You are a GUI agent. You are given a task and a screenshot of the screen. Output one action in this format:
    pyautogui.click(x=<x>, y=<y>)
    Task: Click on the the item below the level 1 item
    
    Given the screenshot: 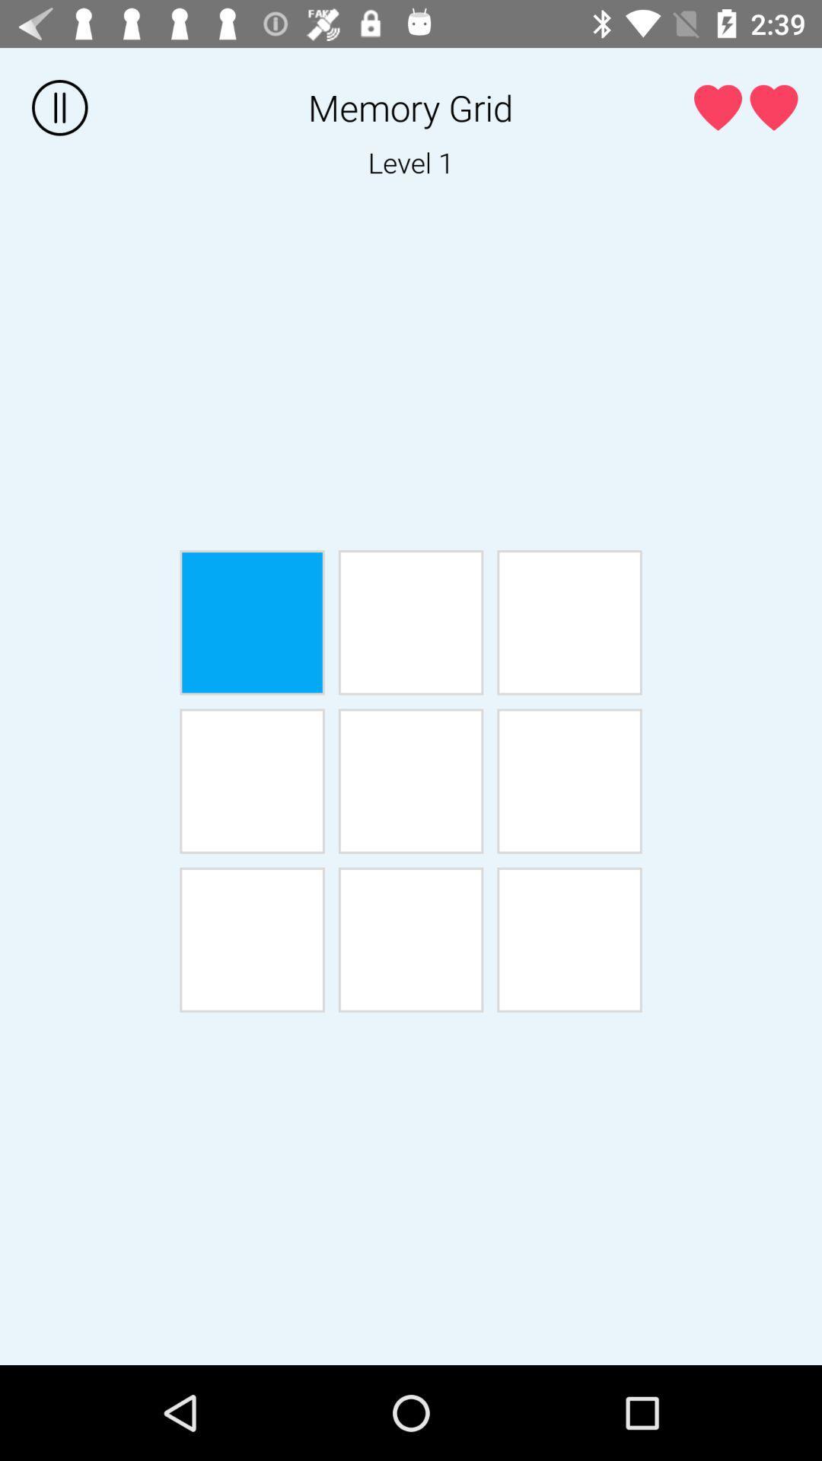 What is the action you would take?
    pyautogui.click(x=411, y=622)
    